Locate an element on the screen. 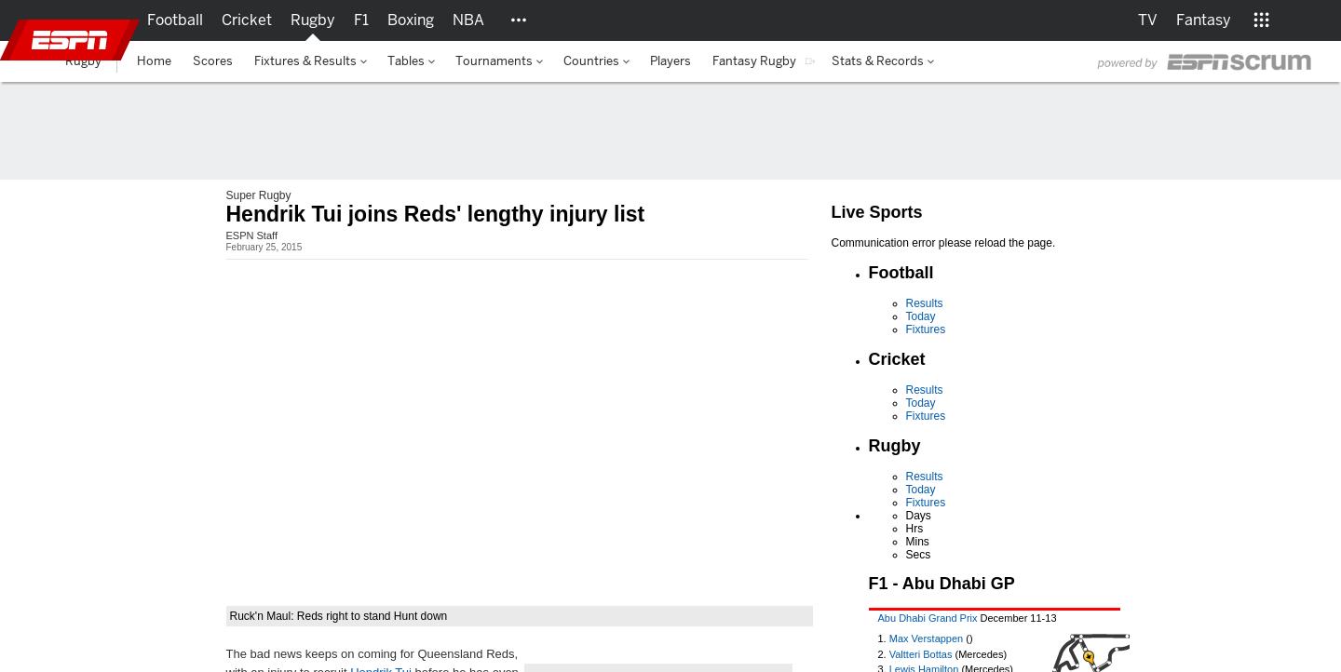 The height and width of the screenshot is (672, 1341). '1.' is located at coordinates (882, 637).